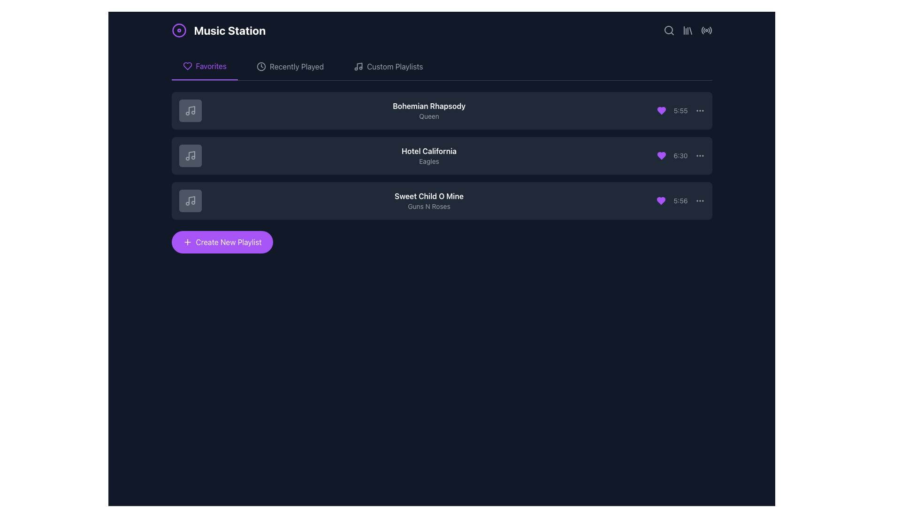  Describe the element at coordinates (680, 110) in the screenshot. I see `the time duration label reading '5:55', which is styled with gray text and positioned between a heart icon and action dots in the song details for 'Bohemian Rhapsody' by Queen` at that location.